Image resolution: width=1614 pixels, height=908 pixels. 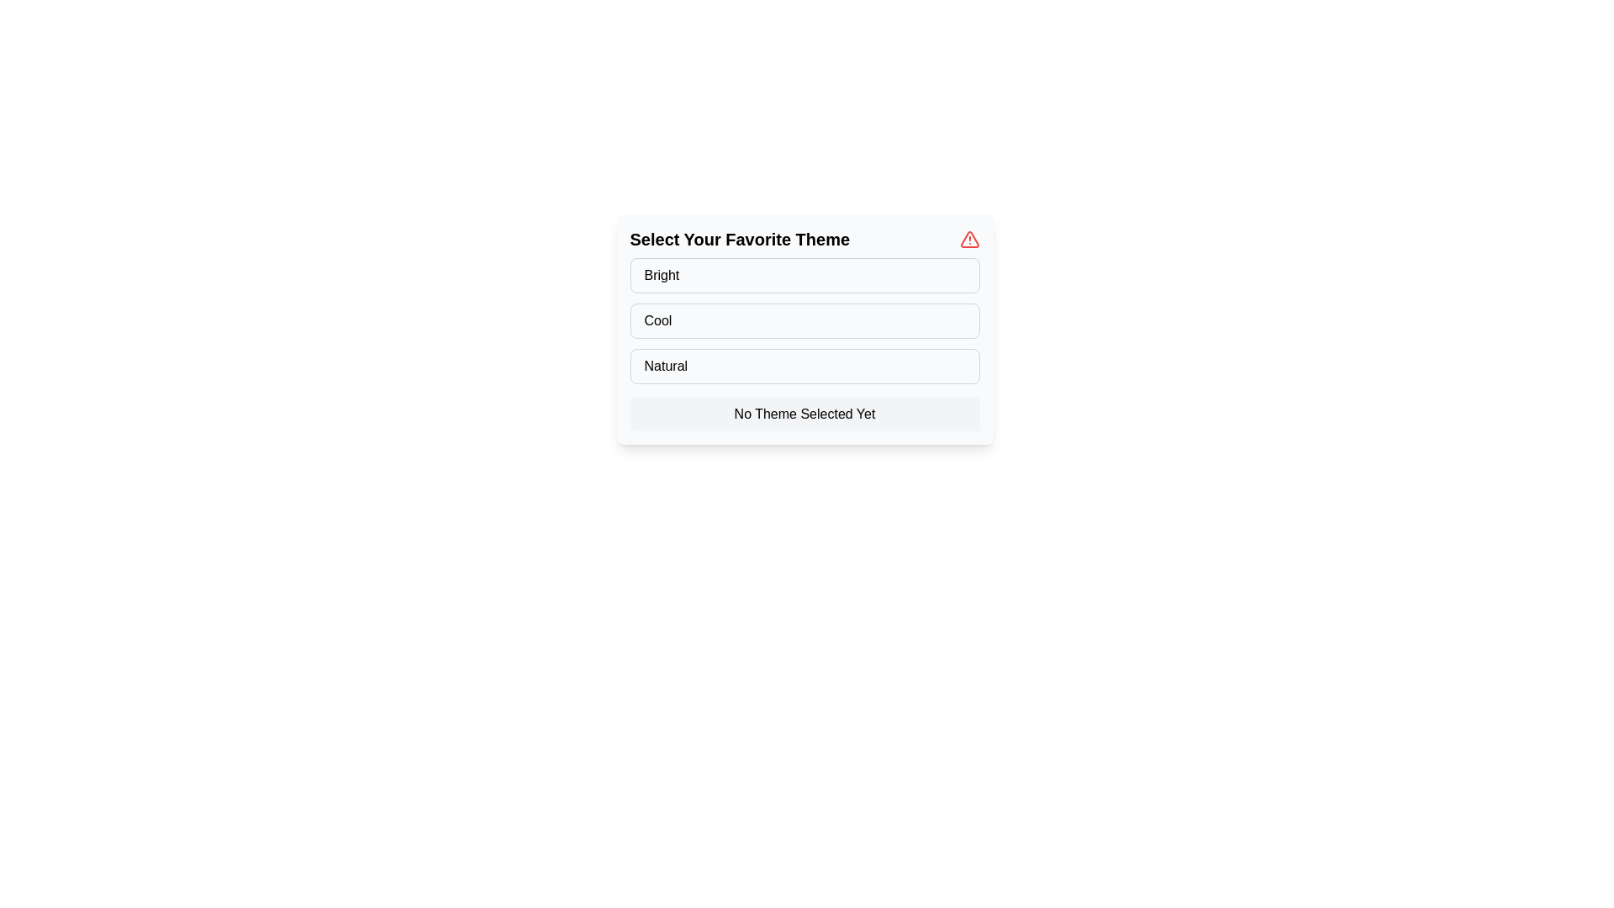 I want to click on the 'Natural' button, which is the last element in a vertically stacked list containing 'Bright', 'Cool', and 'Natural', so click(x=804, y=365).